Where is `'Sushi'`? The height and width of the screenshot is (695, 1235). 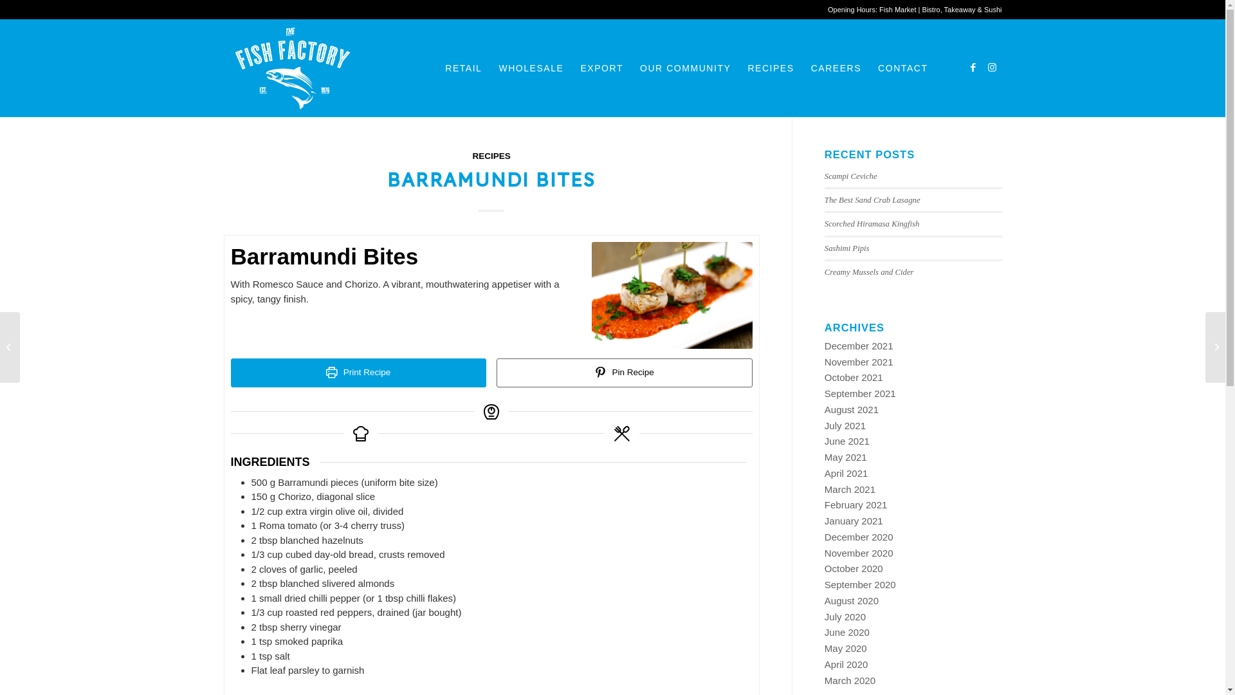 'Sushi' is located at coordinates (993, 10).